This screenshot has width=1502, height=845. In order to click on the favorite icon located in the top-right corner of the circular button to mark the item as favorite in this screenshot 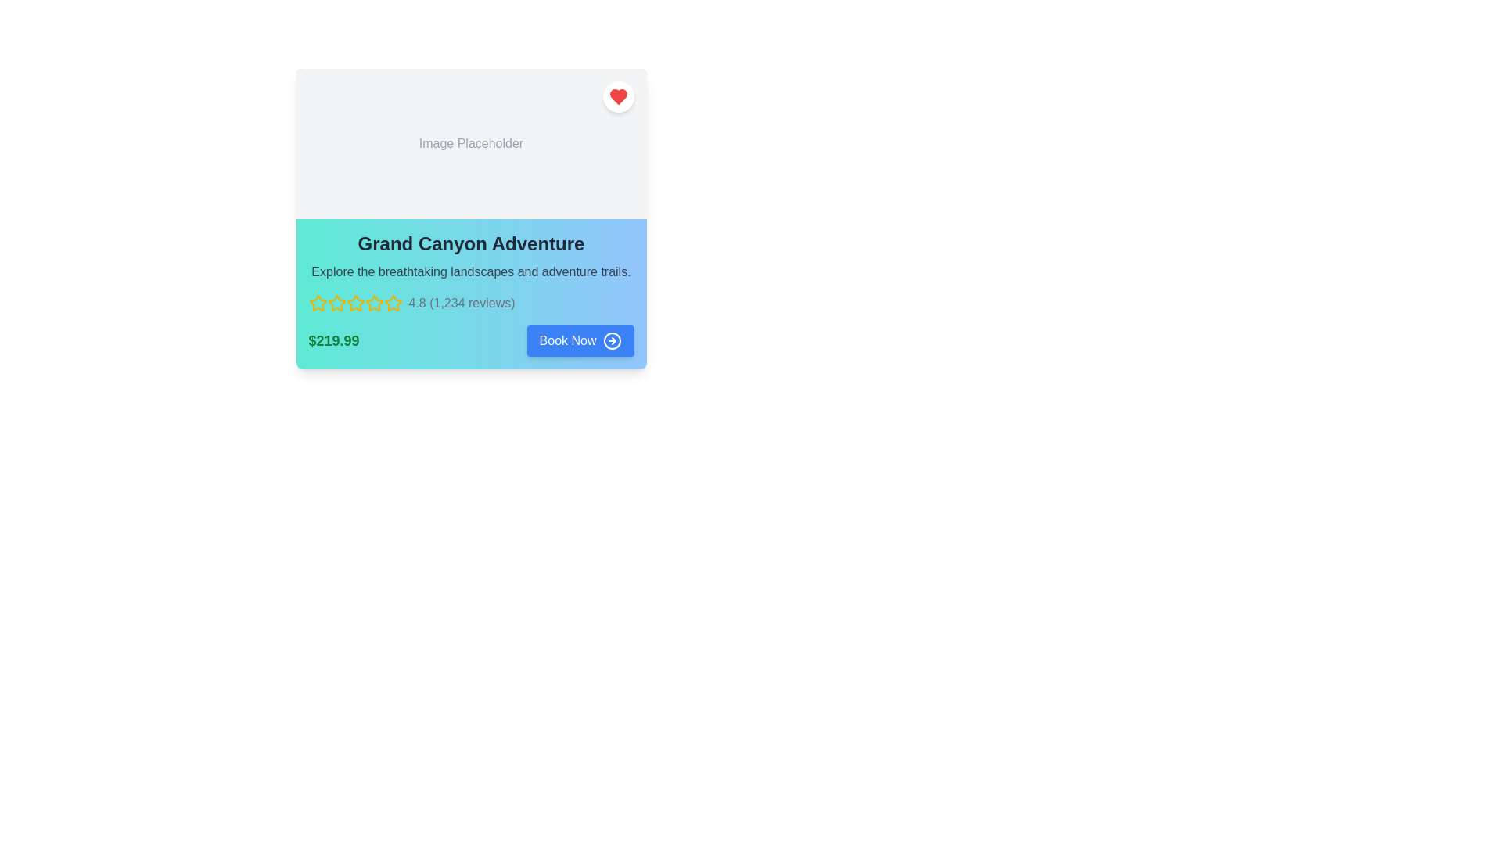, I will do `click(617, 96)`.